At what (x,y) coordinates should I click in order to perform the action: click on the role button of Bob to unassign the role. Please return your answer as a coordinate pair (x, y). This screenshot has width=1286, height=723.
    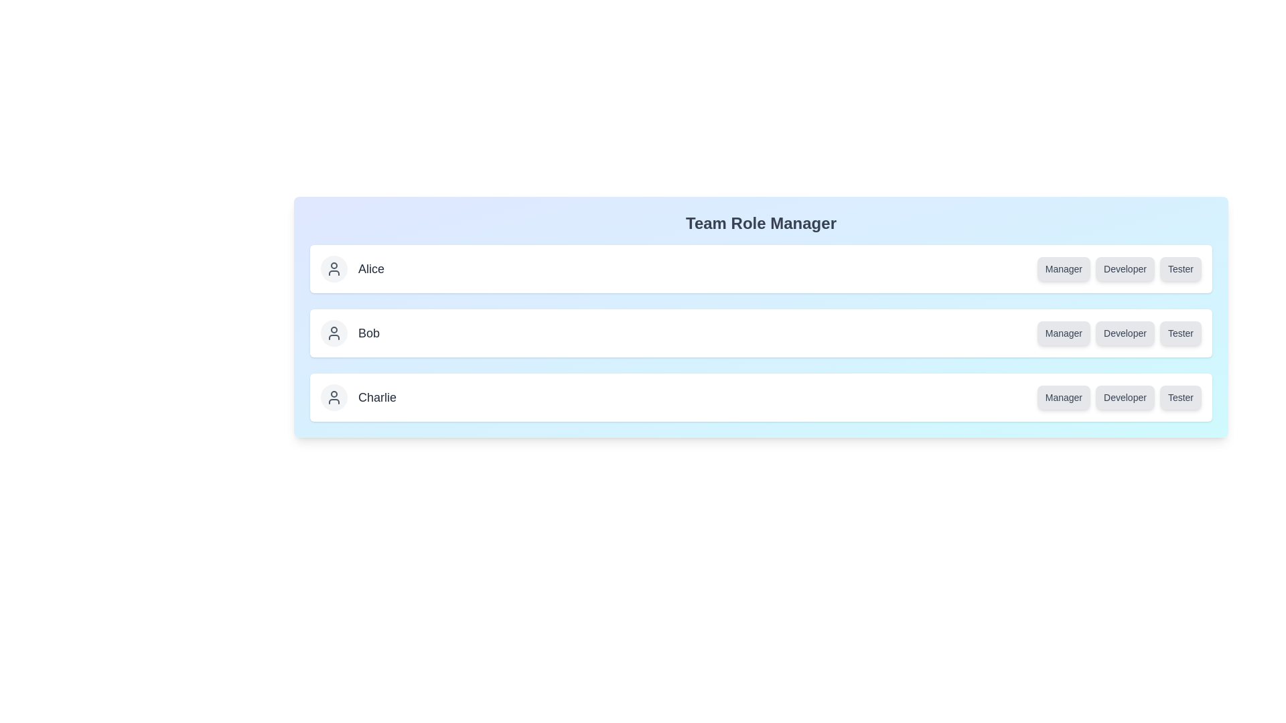
    Looking at the image, I should click on (1063, 332).